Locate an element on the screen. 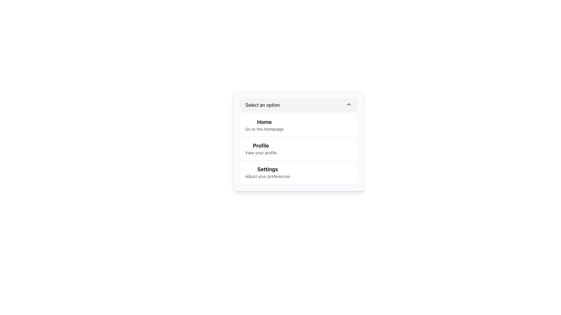 The height and width of the screenshot is (315, 561). the text label that provides supplementary information for the 'Settings' section, positioned directly below the 'Settings' title is located at coordinates (267, 176).